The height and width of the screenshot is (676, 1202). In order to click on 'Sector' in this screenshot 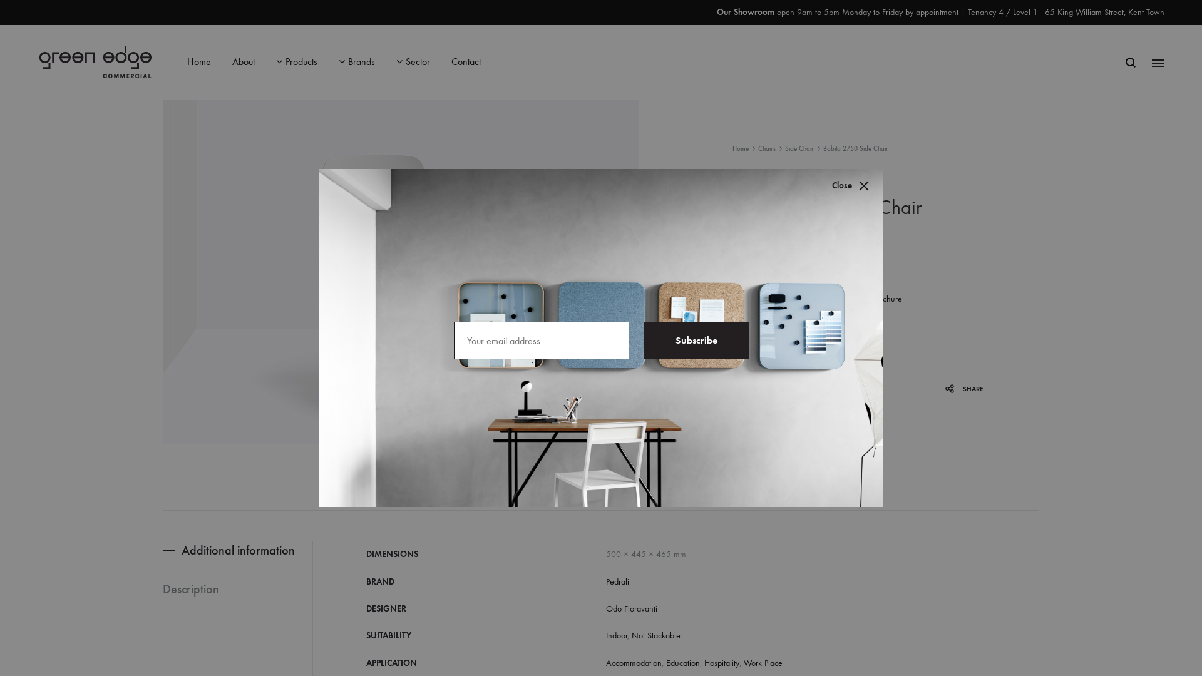, I will do `click(413, 62)`.